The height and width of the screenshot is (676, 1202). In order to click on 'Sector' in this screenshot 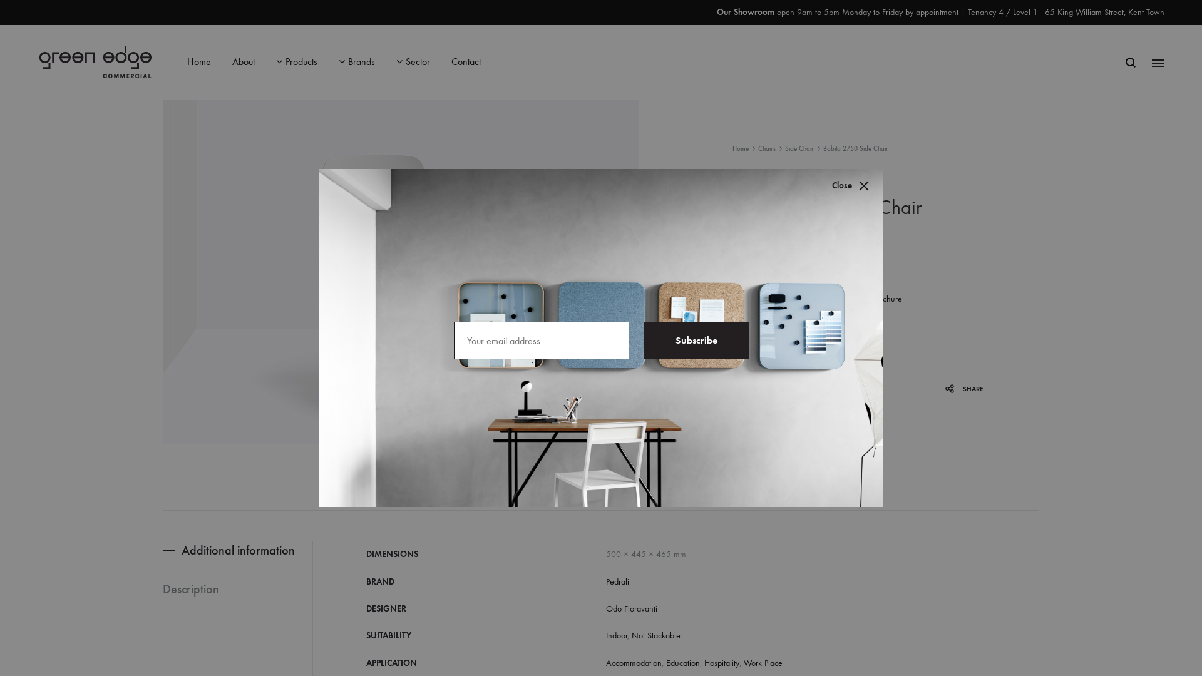, I will do `click(413, 62)`.